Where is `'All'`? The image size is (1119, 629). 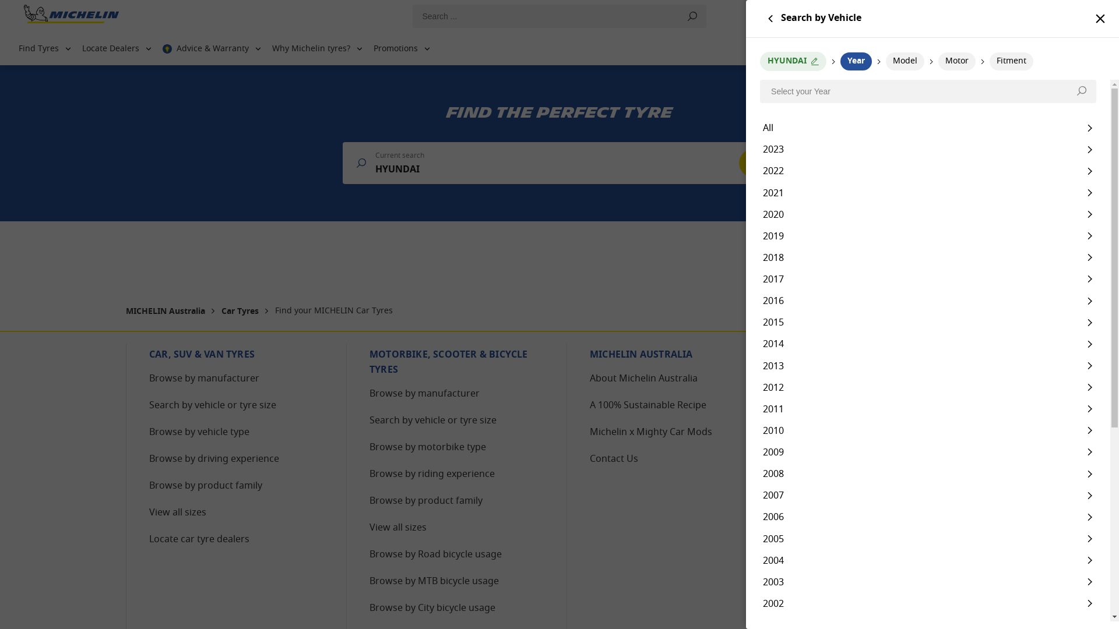
'All' is located at coordinates (927, 128).